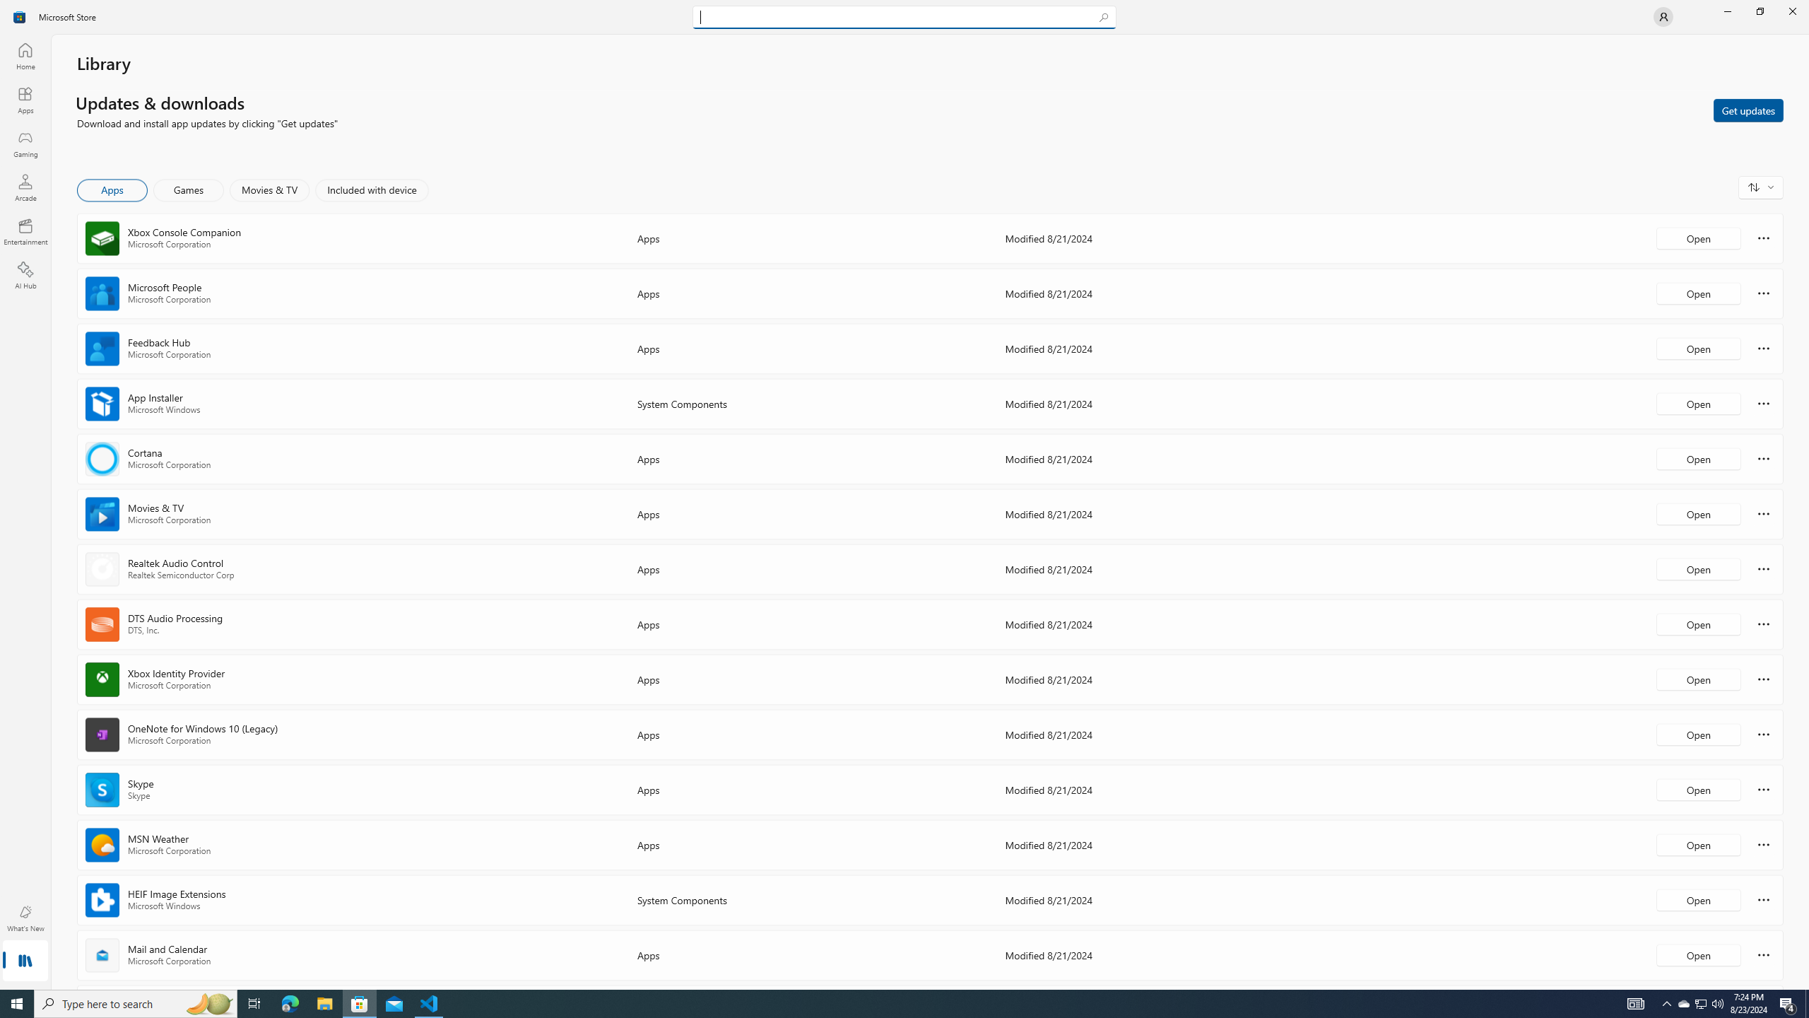  Describe the element at coordinates (1726, 11) in the screenshot. I see `'Minimize Microsoft Store'` at that location.